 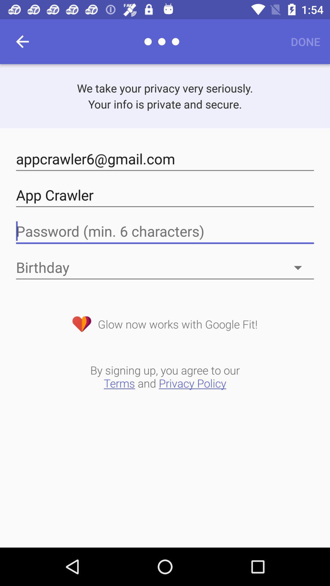 What do you see at coordinates (165, 231) in the screenshot?
I see `password` at bounding box center [165, 231].